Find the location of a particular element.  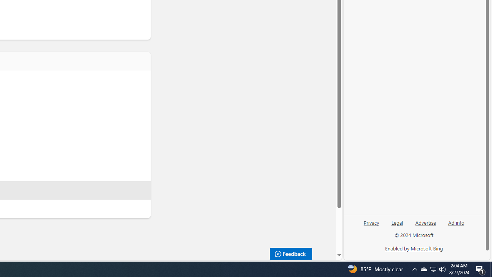

'Legal' is located at coordinates (397, 225).